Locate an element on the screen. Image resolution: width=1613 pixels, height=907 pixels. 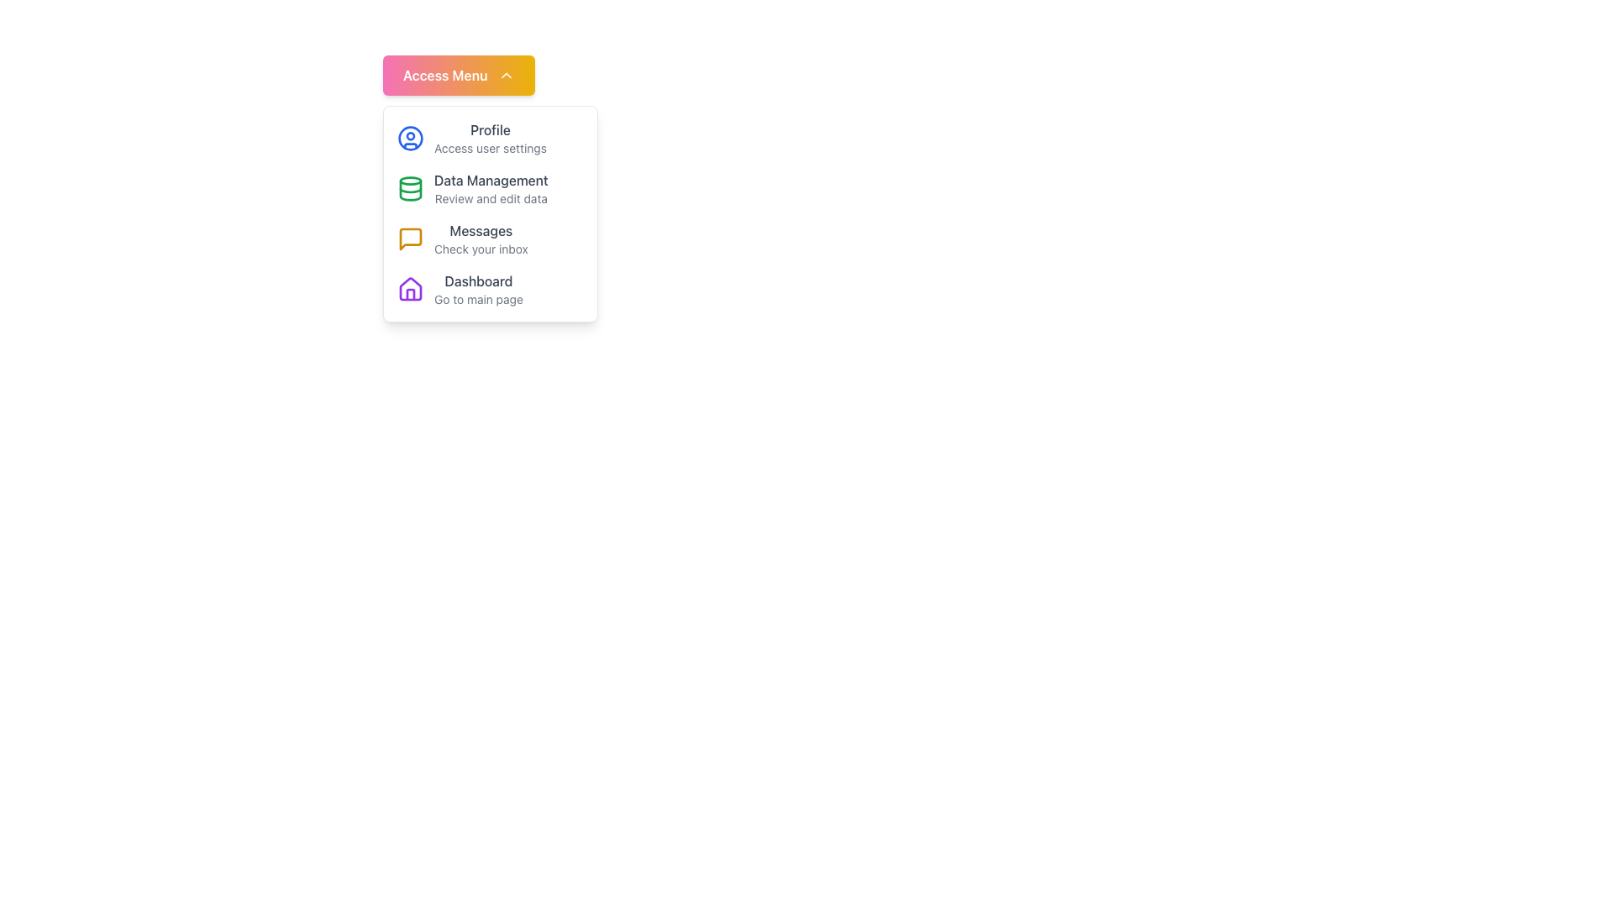
the navigational link titled 'Dashboard' with a purple house icon in the 'Access Menu' dropdown is located at coordinates (490, 288).